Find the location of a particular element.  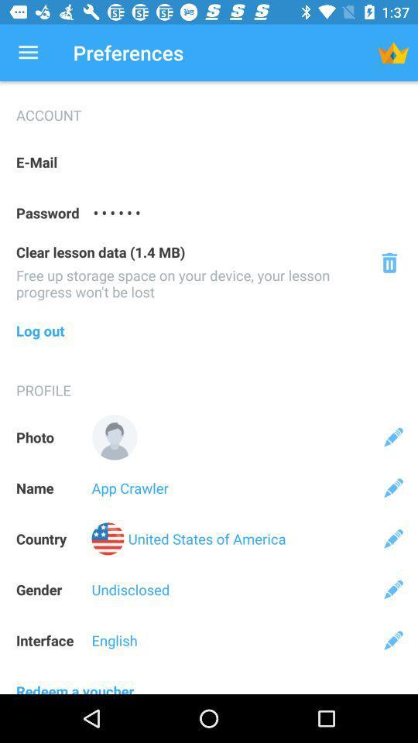

the edit icon is located at coordinates (393, 437).